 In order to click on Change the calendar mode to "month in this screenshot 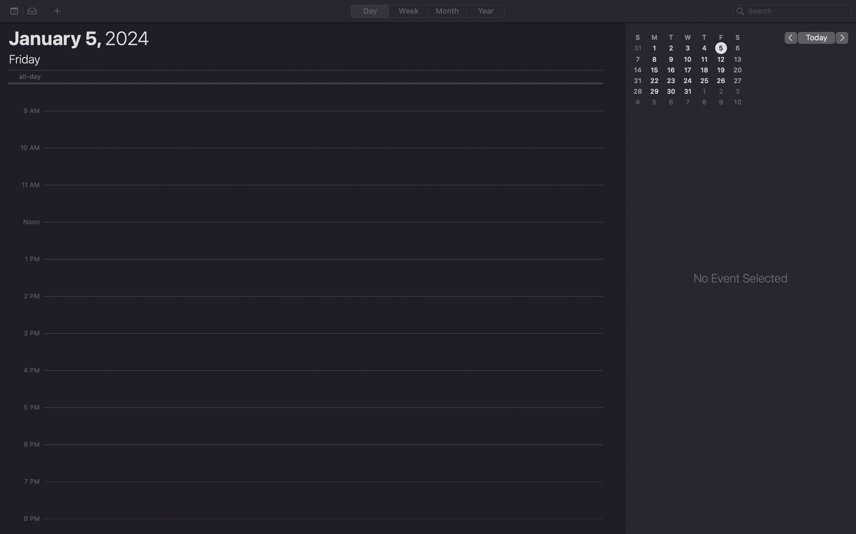, I will do `click(447, 11)`.